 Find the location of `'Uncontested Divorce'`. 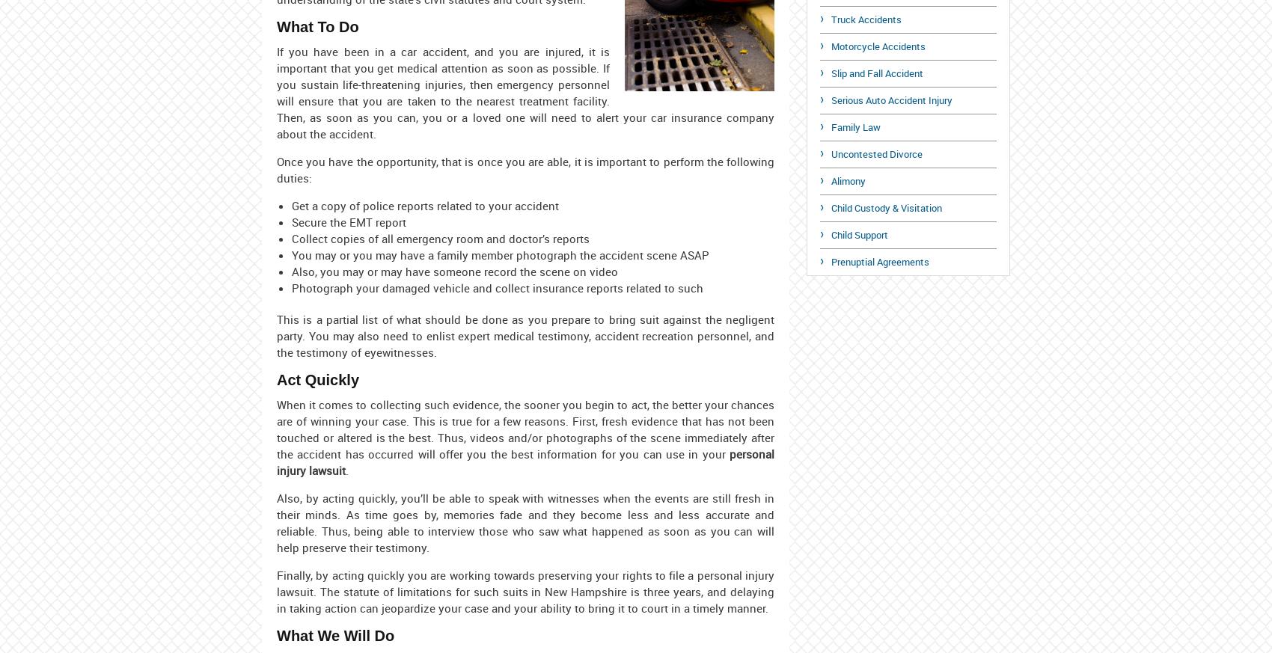

'Uncontested Divorce' is located at coordinates (831, 153).